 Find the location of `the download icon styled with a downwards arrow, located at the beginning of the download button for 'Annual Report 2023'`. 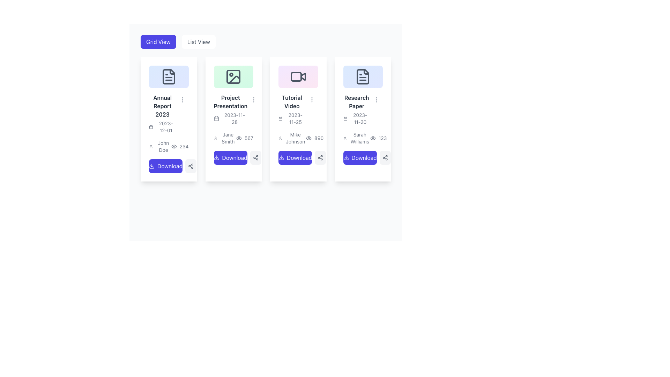

the download icon styled with a downwards arrow, located at the beginning of the download button for 'Annual Report 2023' is located at coordinates (151, 165).